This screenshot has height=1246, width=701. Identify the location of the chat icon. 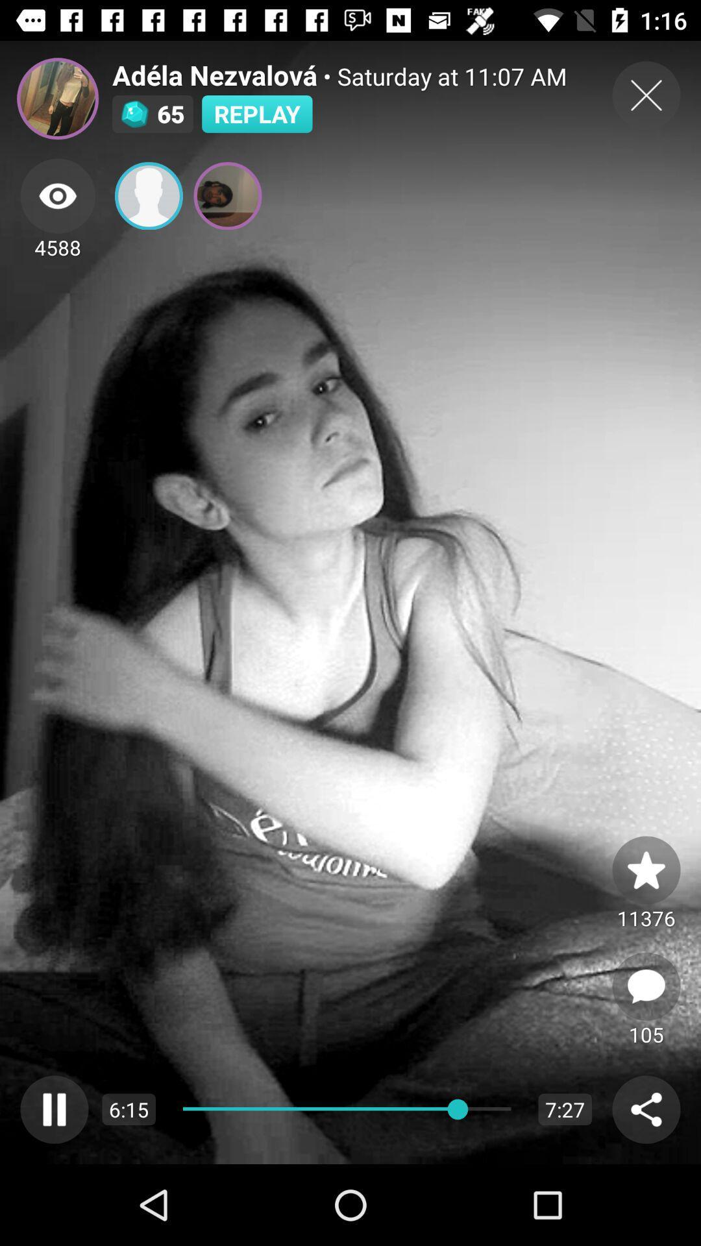
(646, 986).